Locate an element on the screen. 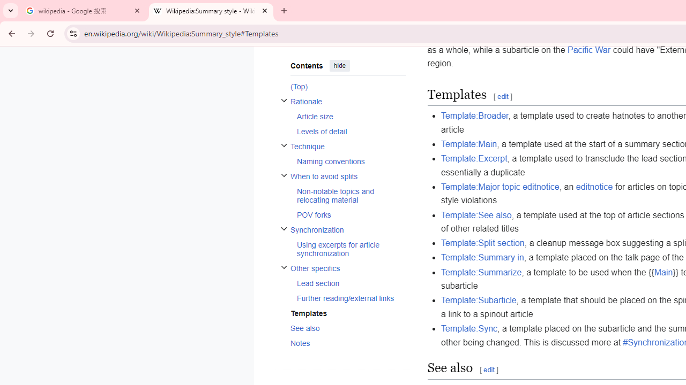 The width and height of the screenshot is (686, 385). 'Template:Split section' is located at coordinates (482, 243).